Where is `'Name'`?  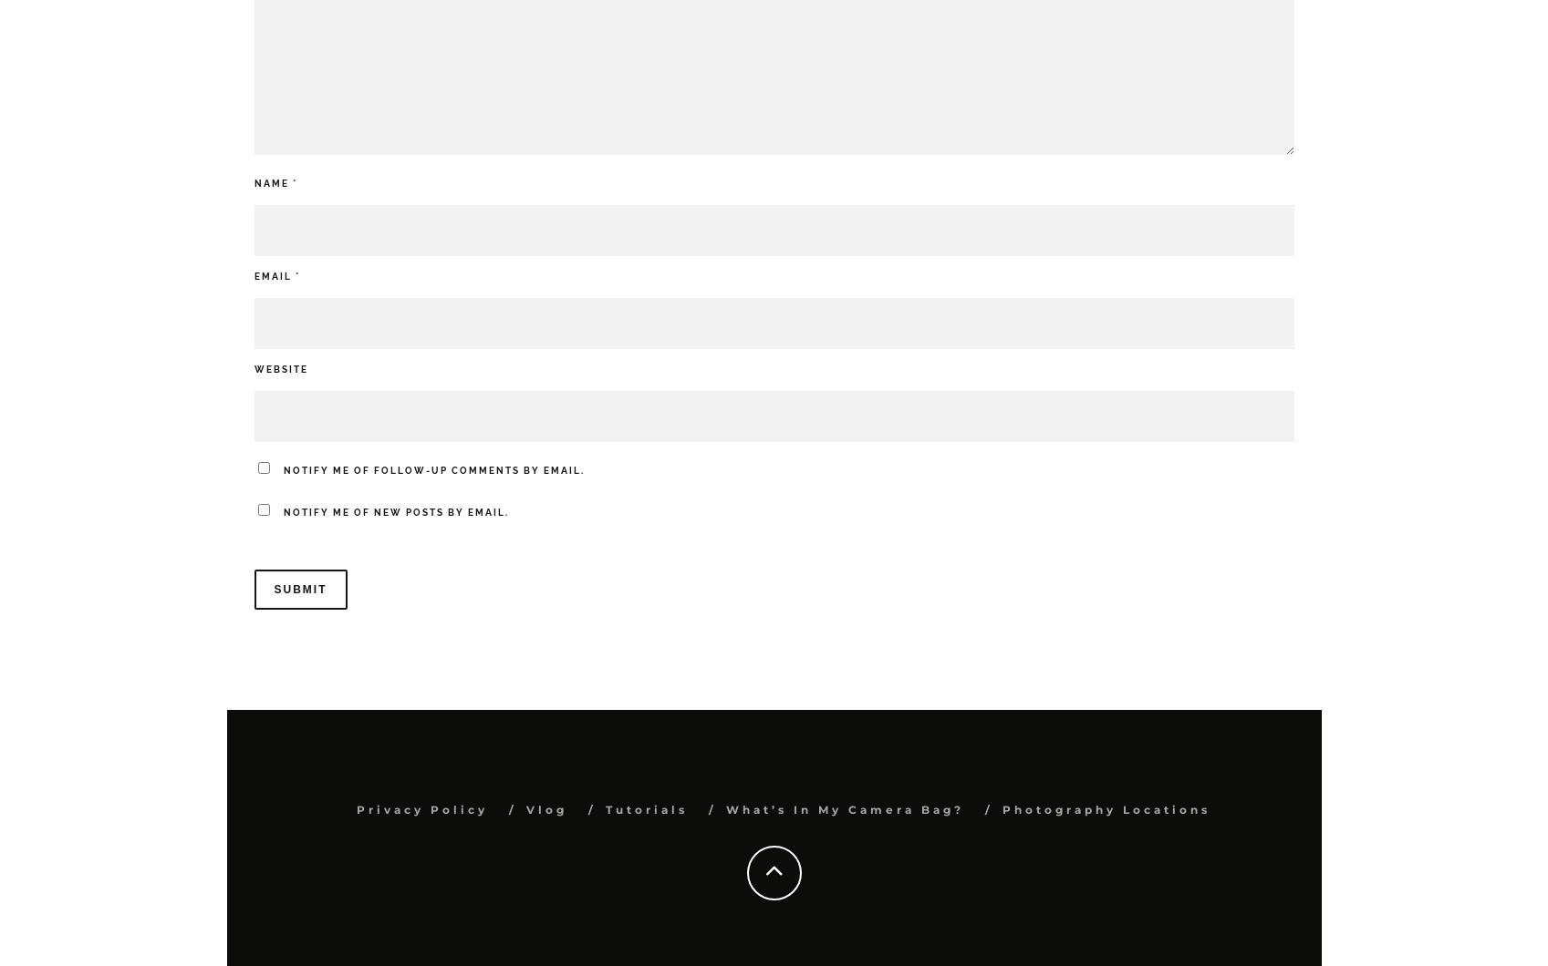
'Name' is located at coordinates (252, 181).